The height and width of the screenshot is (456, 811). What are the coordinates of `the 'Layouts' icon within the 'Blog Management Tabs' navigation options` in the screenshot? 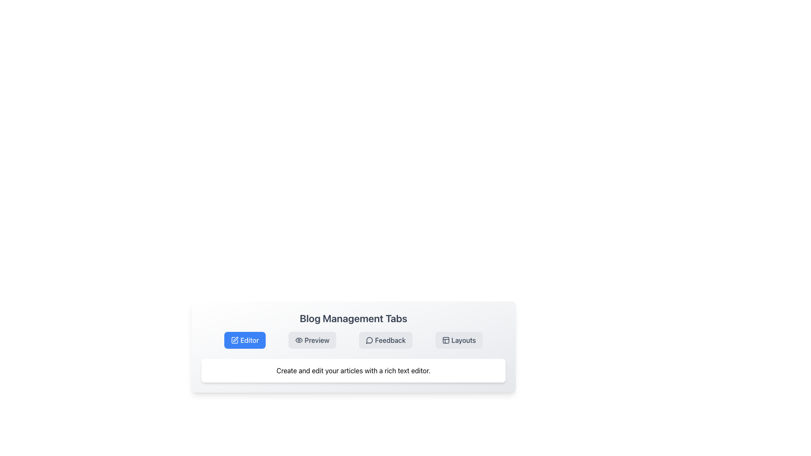 It's located at (445, 340).